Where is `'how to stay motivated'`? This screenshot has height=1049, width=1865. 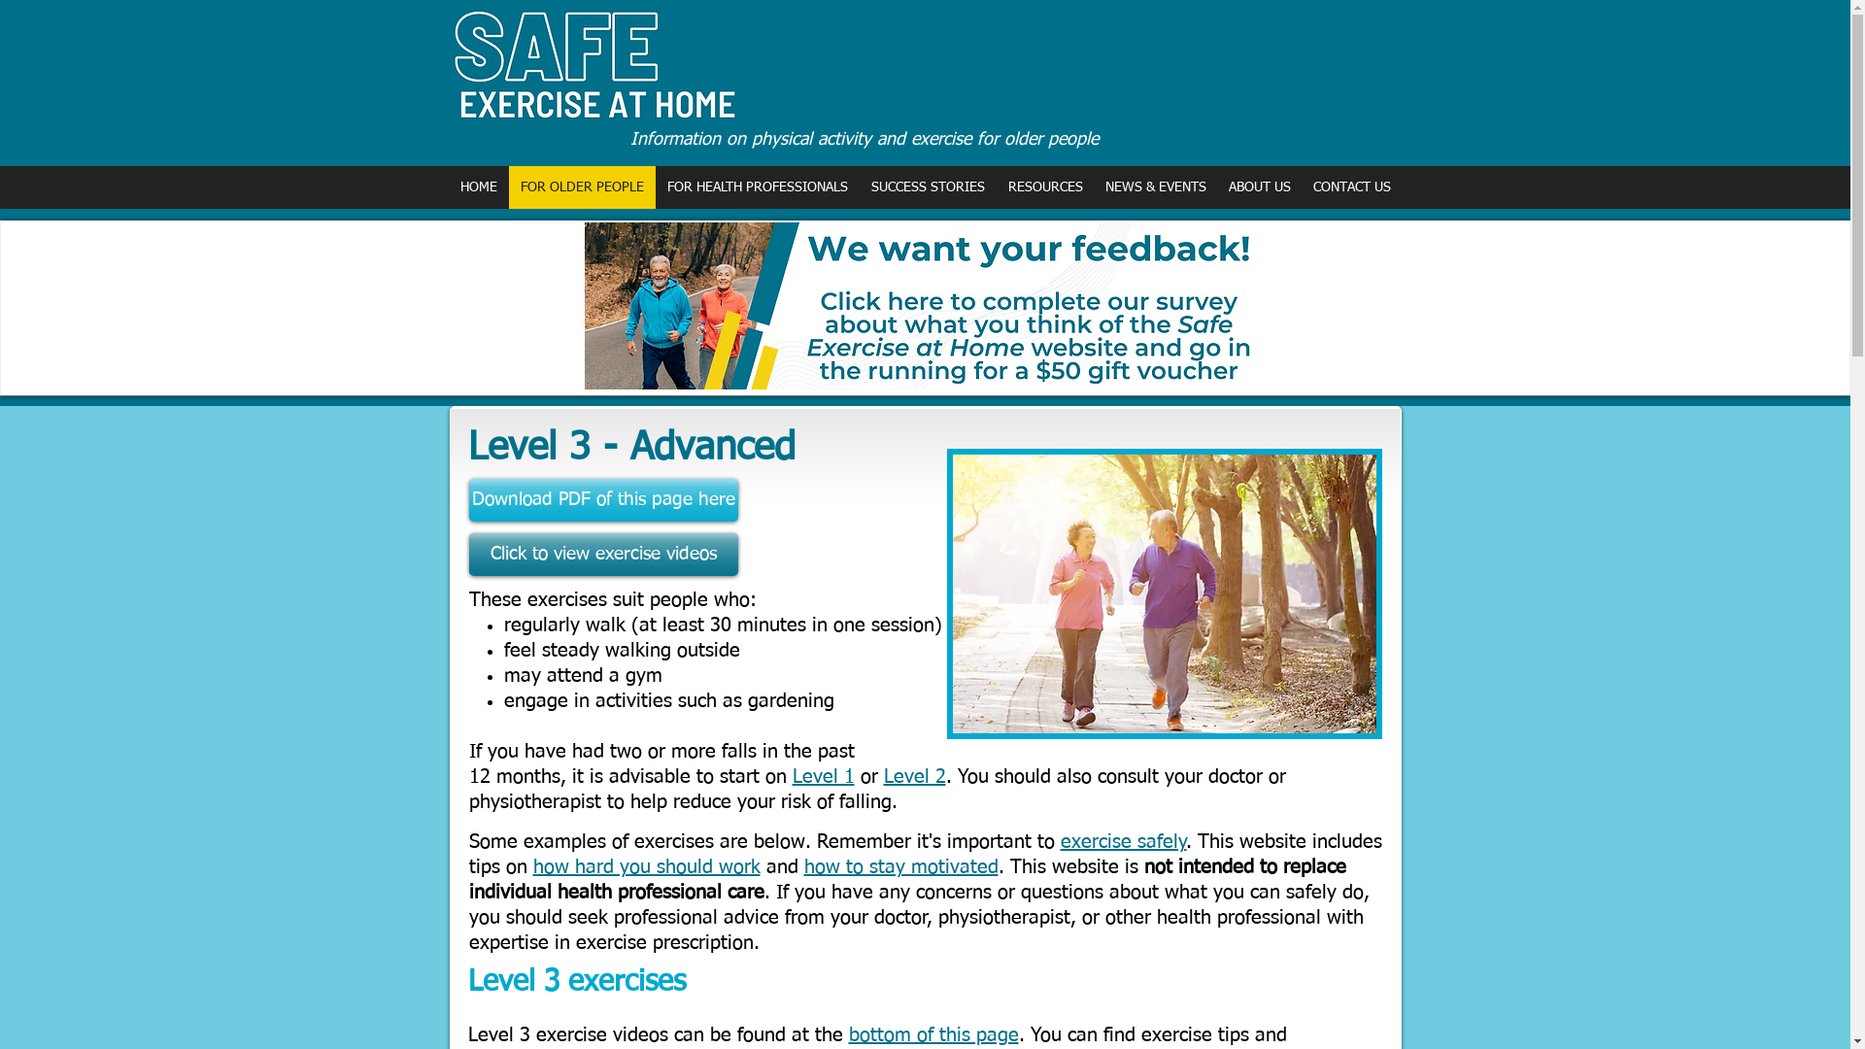 'how to stay motivated' is located at coordinates (899, 866).